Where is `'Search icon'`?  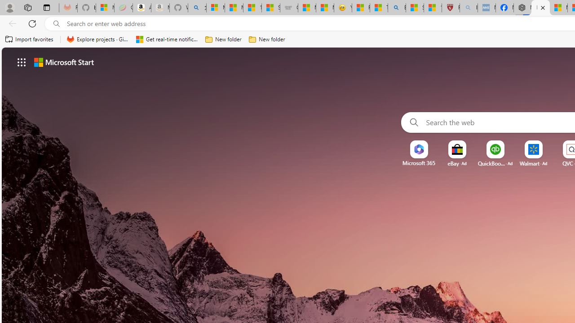 'Search icon' is located at coordinates (56, 23).